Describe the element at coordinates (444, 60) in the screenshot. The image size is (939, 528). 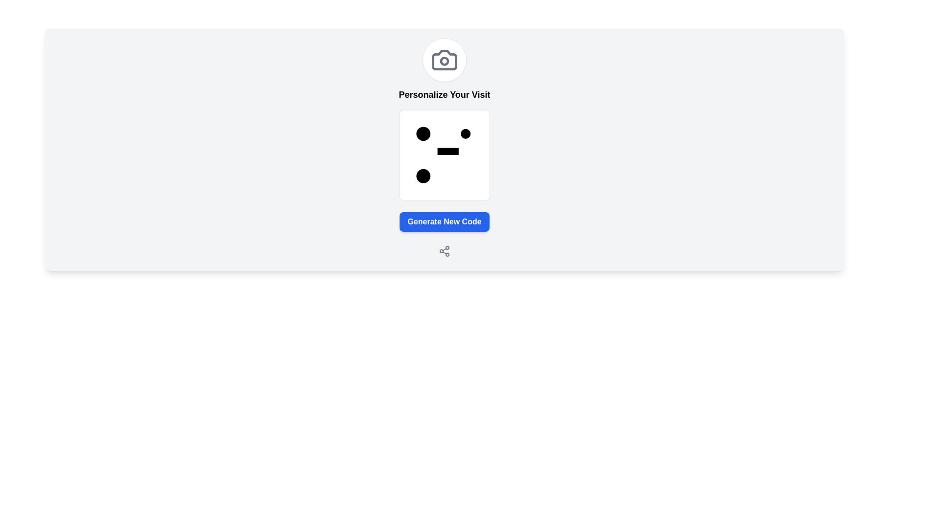
I see `the circular button with a camera icon in the middle` at that location.